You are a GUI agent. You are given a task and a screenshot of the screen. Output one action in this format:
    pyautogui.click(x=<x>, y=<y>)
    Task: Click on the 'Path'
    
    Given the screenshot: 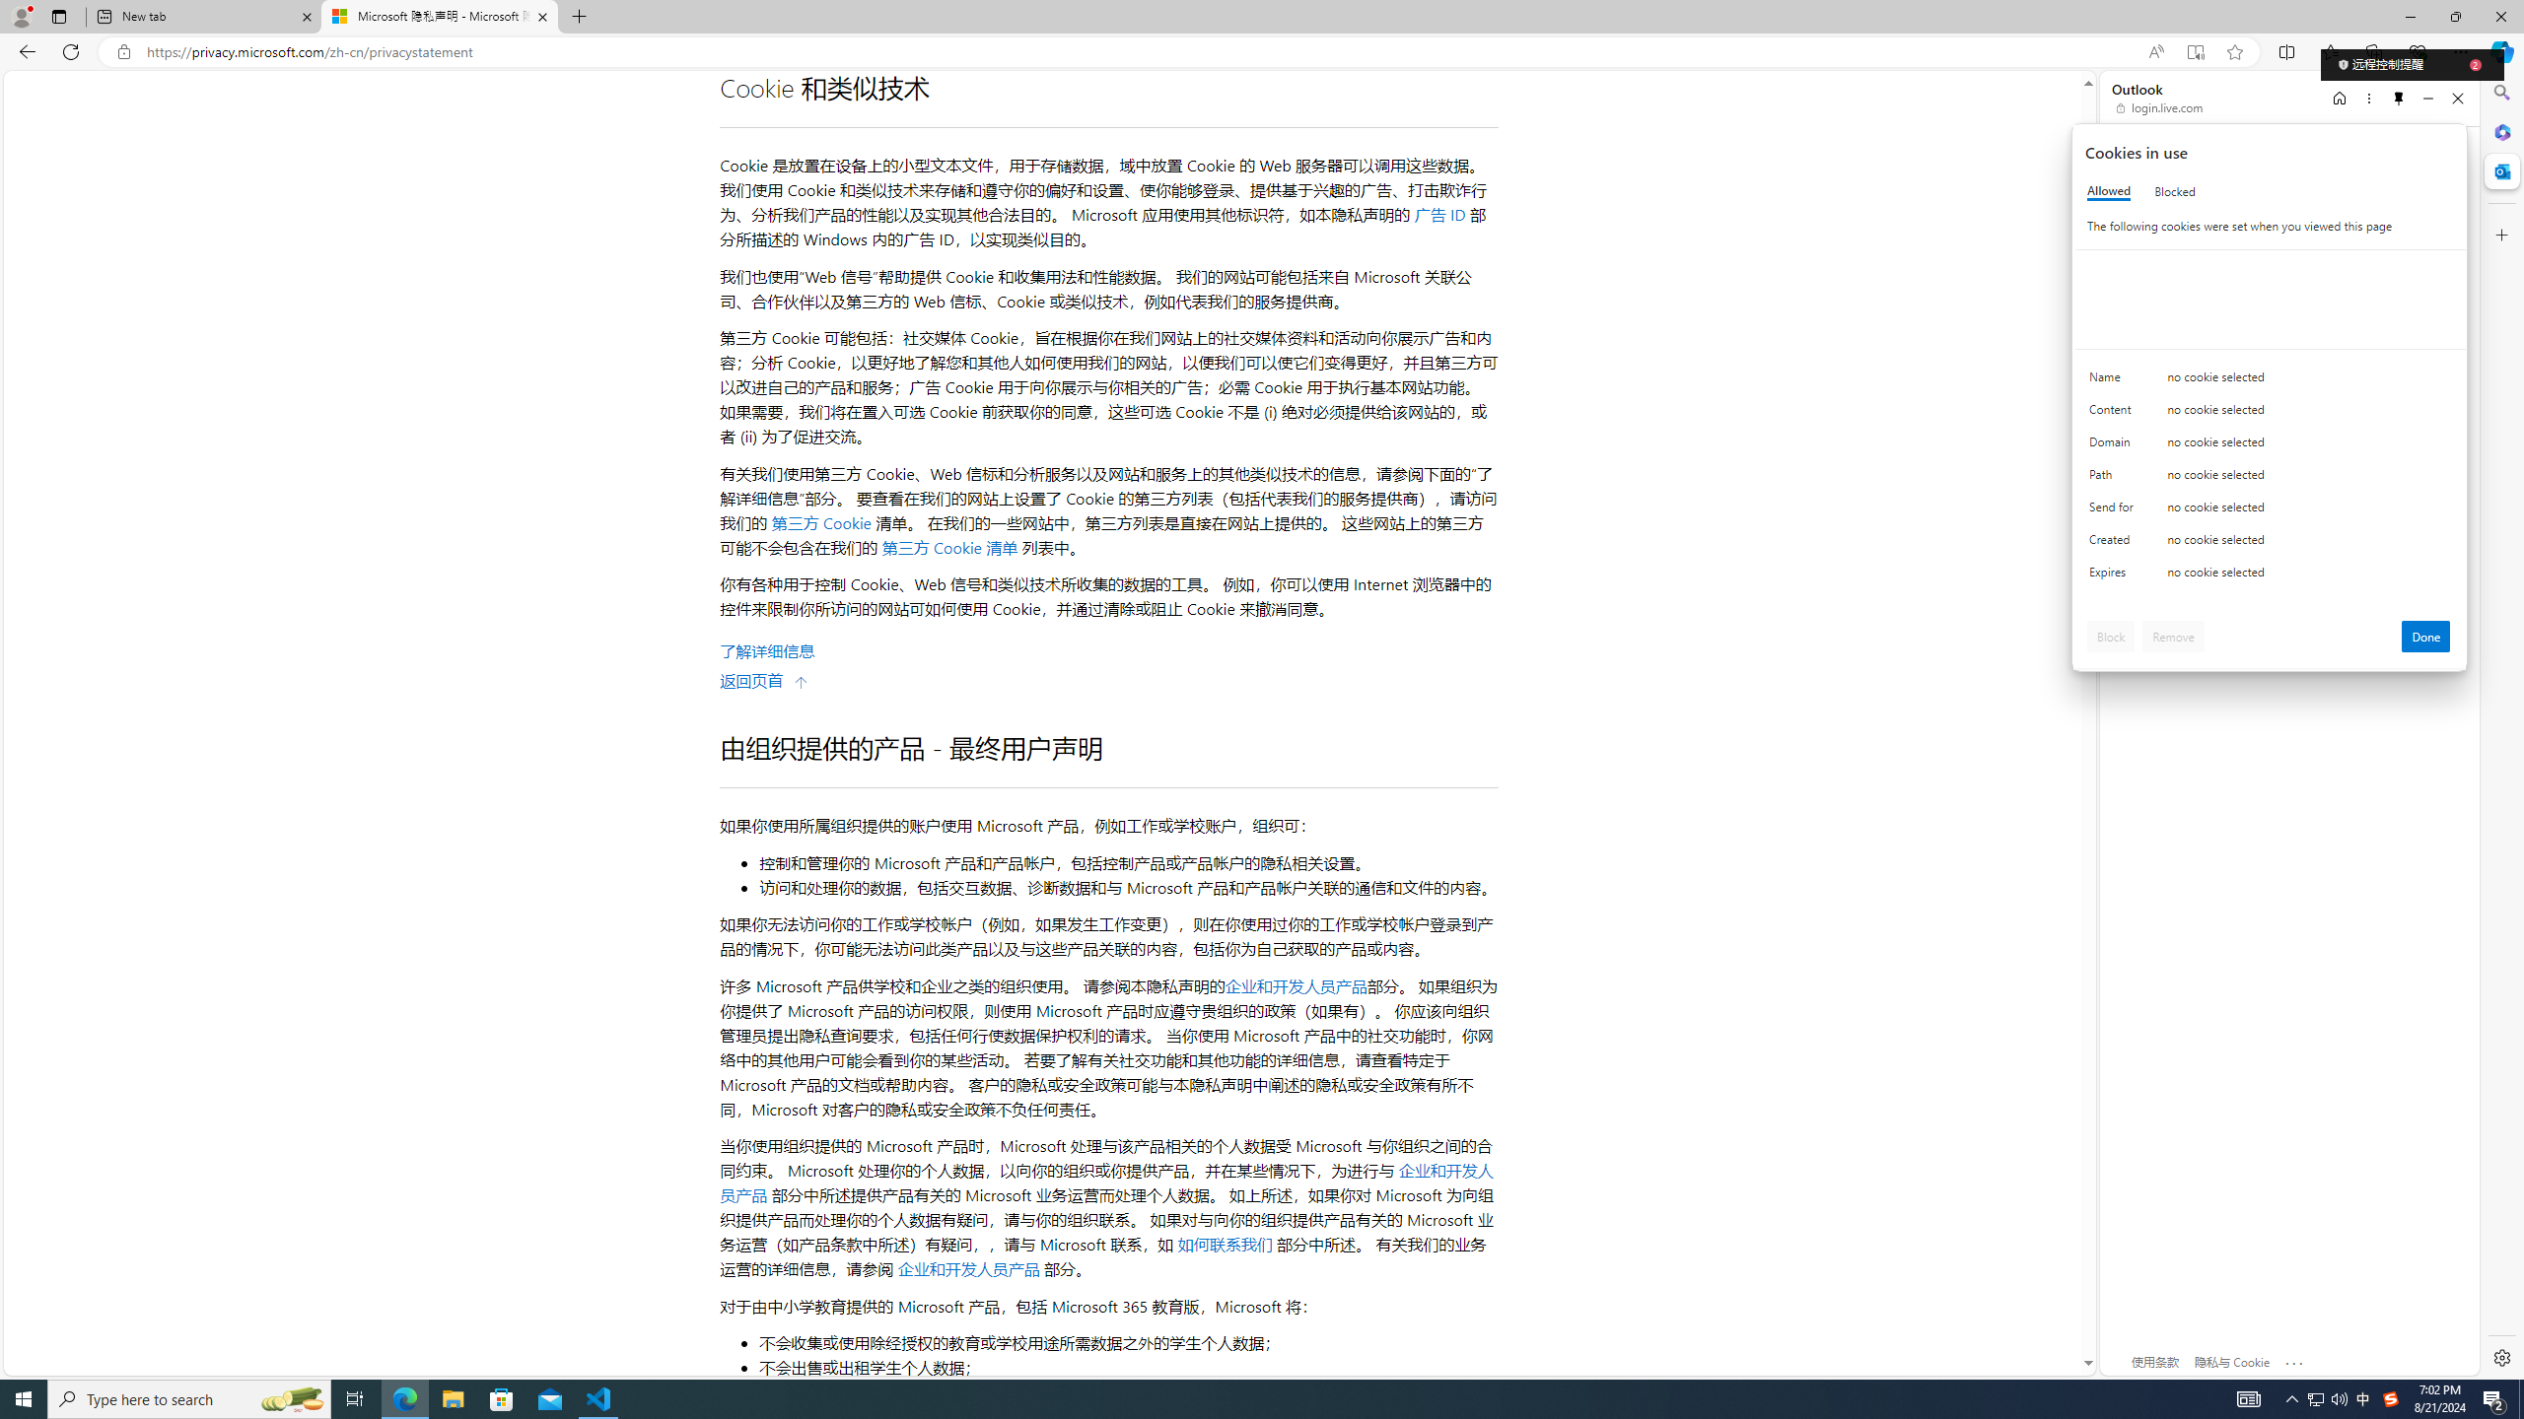 What is the action you would take?
    pyautogui.click(x=2114, y=479)
    